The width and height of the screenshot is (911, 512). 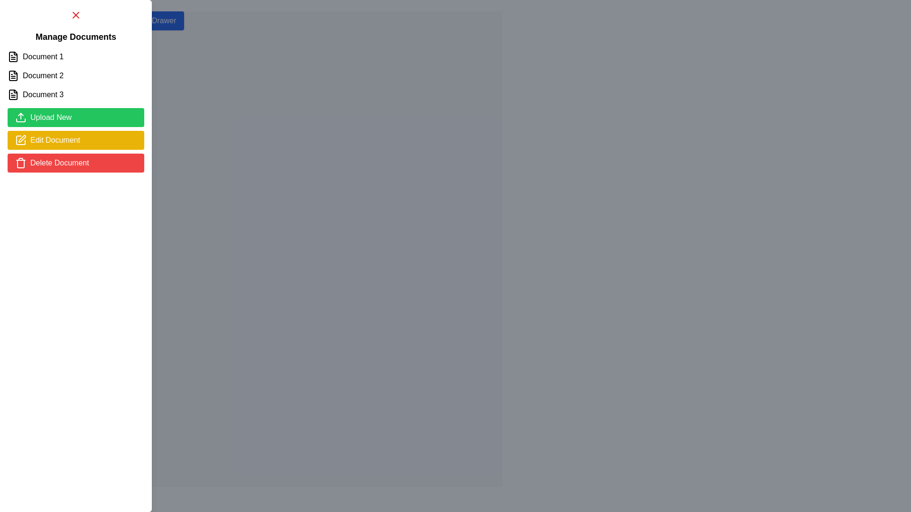 I want to click on the second sub-component of the editing toolbar, which features a pen icon over a square, located in the left-hand panel of the menu, so click(x=22, y=139).